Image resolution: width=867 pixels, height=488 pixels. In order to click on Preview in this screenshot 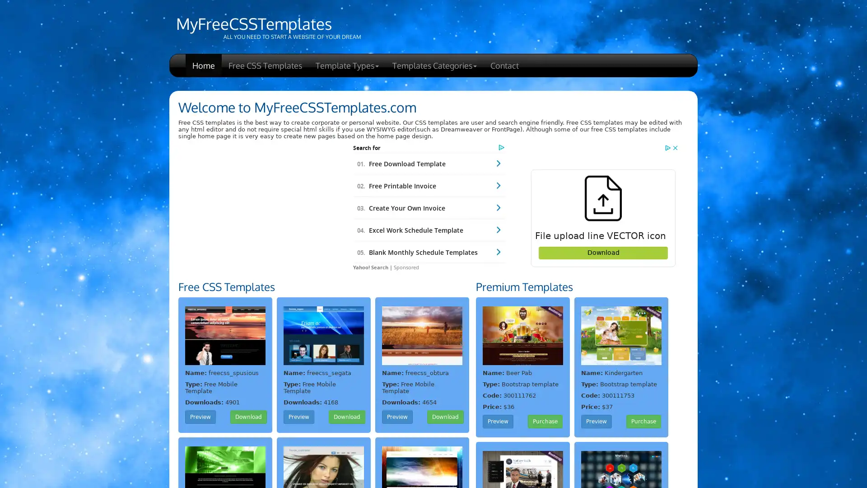, I will do `click(299, 417)`.